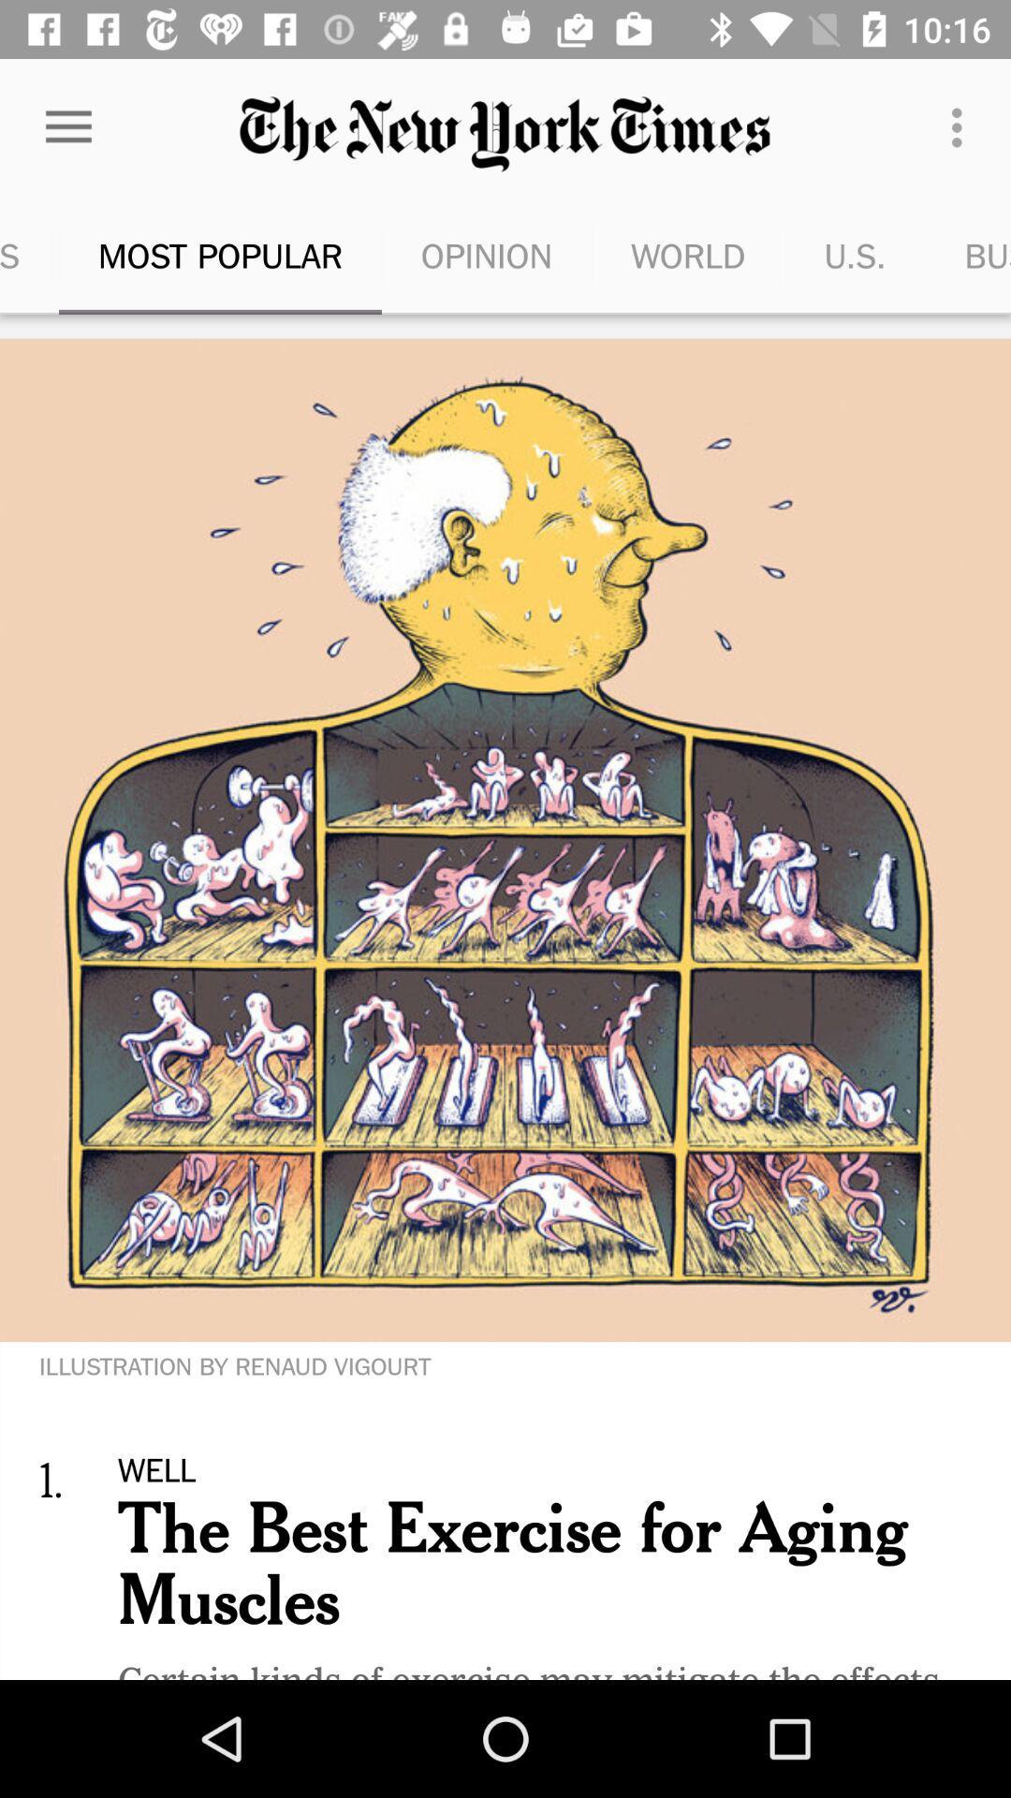 The width and height of the screenshot is (1011, 1798). What do you see at coordinates (219, 255) in the screenshot?
I see `most popular icon` at bounding box center [219, 255].